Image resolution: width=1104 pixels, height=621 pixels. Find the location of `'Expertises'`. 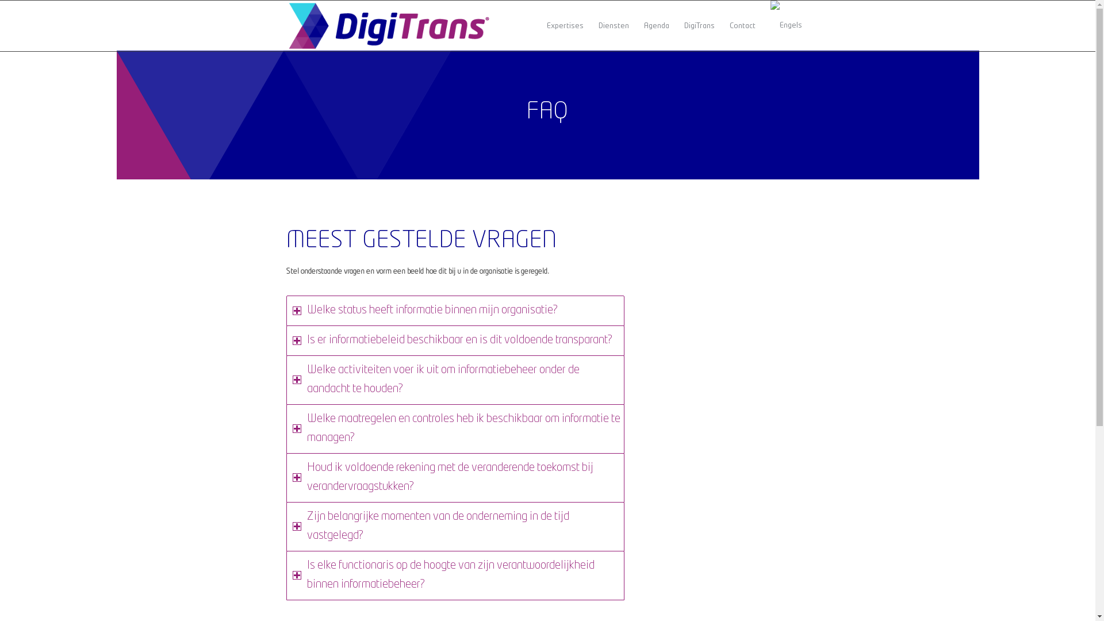

'Expertises' is located at coordinates (538, 26).